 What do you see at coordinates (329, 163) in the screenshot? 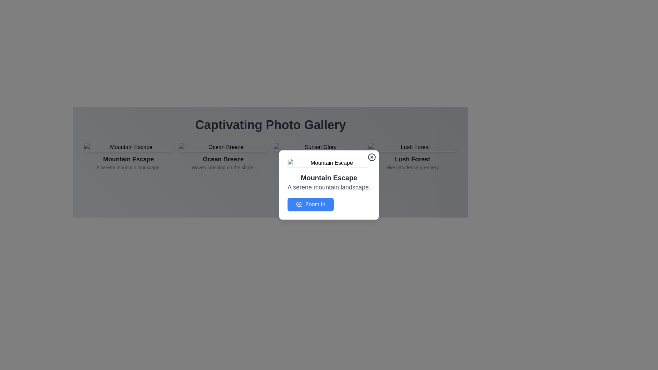
I see `the image illustrating 'Mountain Escape' located at the top center of a white box with rounded corners` at bounding box center [329, 163].